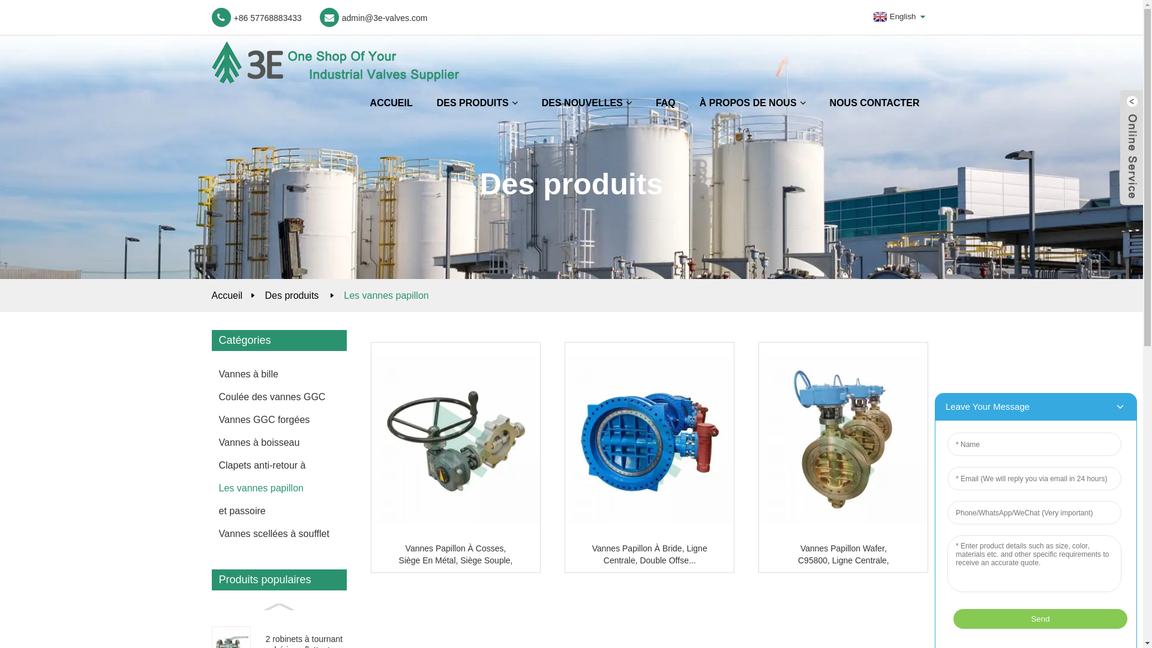 The image size is (1152, 648). What do you see at coordinates (275, 511) in the screenshot?
I see `'et passoire'` at bounding box center [275, 511].